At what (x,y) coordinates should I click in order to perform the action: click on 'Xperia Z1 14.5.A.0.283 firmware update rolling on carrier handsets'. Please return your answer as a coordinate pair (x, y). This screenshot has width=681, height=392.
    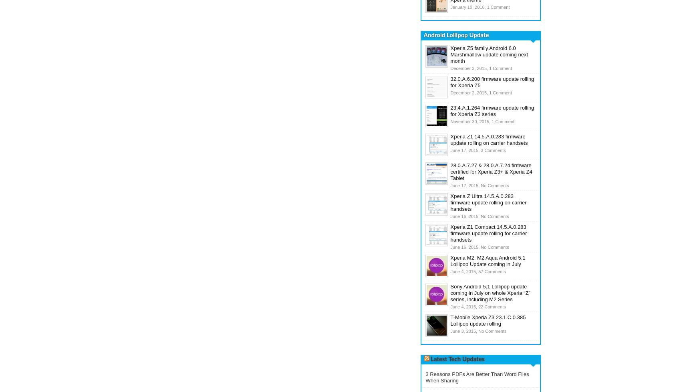
    Looking at the image, I should click on (450, 140).